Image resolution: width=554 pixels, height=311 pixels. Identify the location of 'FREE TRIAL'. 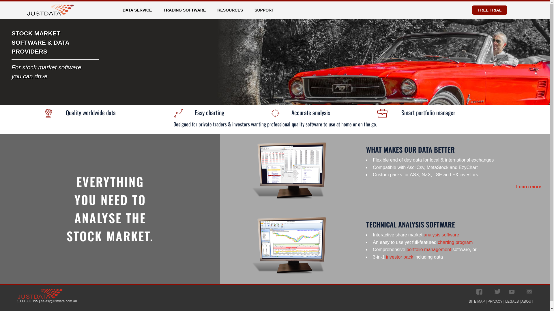
(489, 10).